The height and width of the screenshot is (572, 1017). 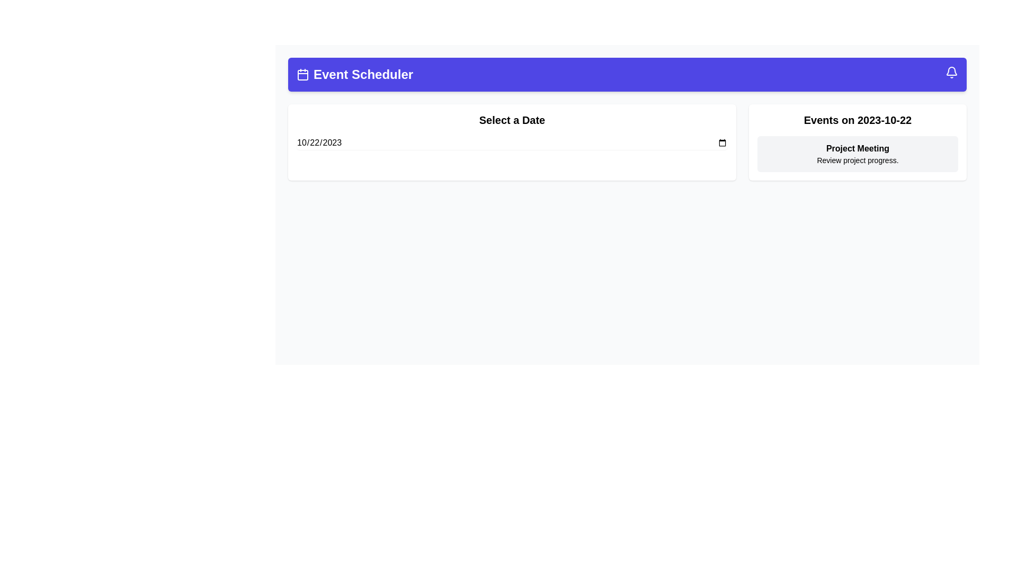 I want to click on the text label reading 'Review project progress.' which is styled in a smaller font and located below 'Project Meeting' in the light gray card under 'Events on 2023-10-22', so click(x=858, y=160).